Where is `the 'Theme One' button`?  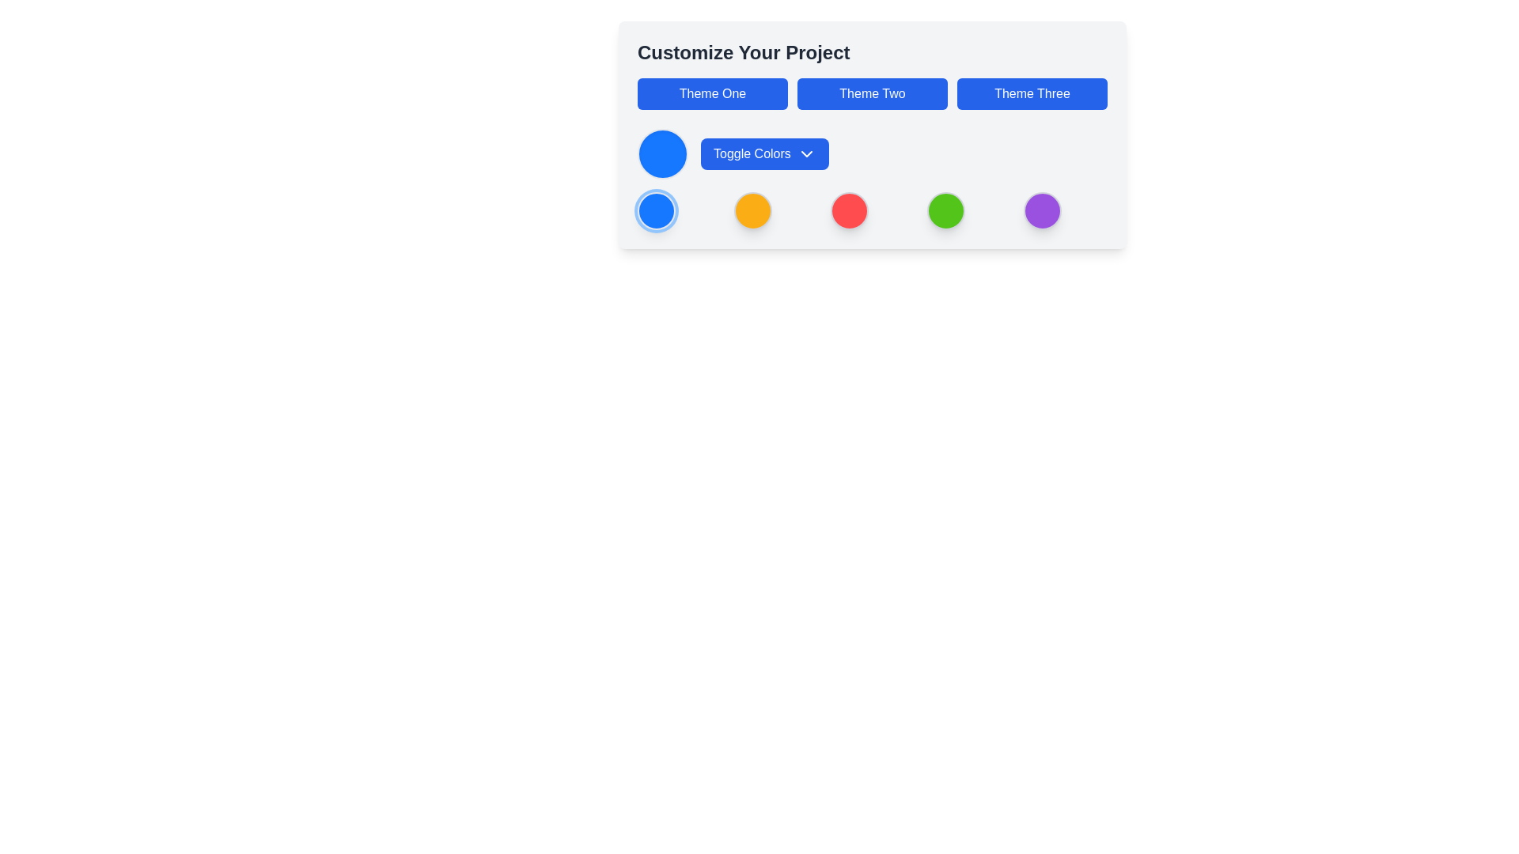
the 'Theme One' button is located at coordinates (712, 94).